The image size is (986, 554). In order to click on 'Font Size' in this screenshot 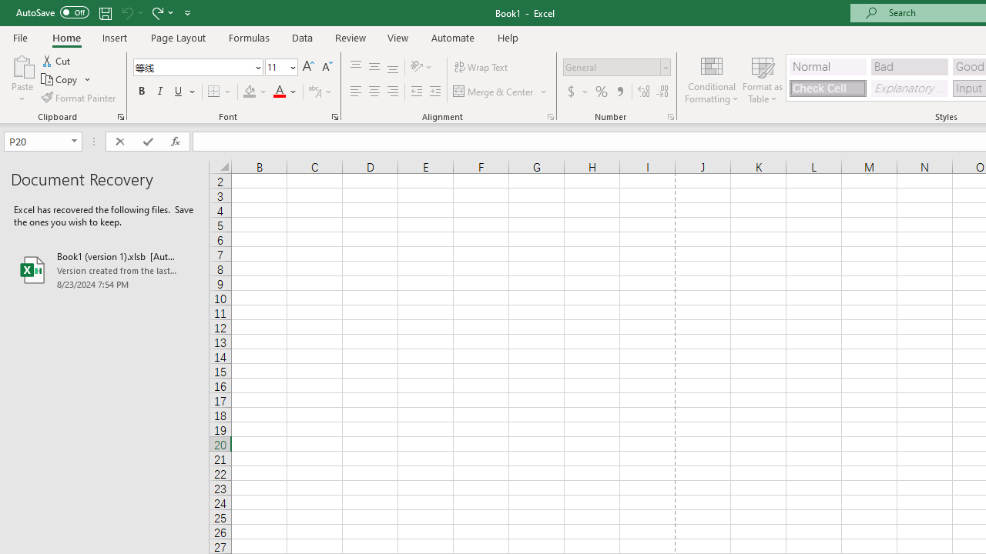, I will do `click(281, 66)`.